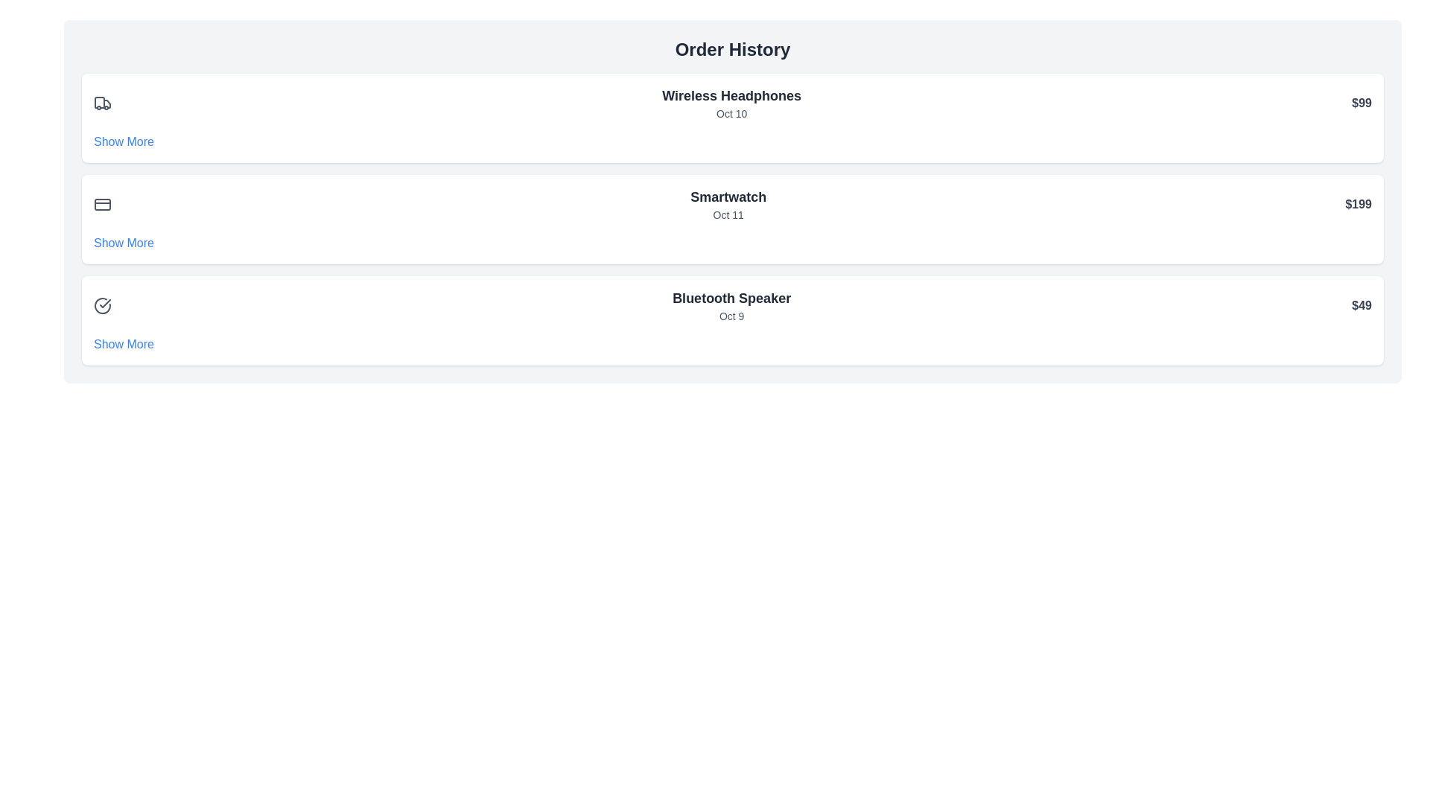  I want to click on the text label that conveys the product name 'Smartwatch' and the date 'Oct 11', which is centrally located in the product description section, so click(728, 204).